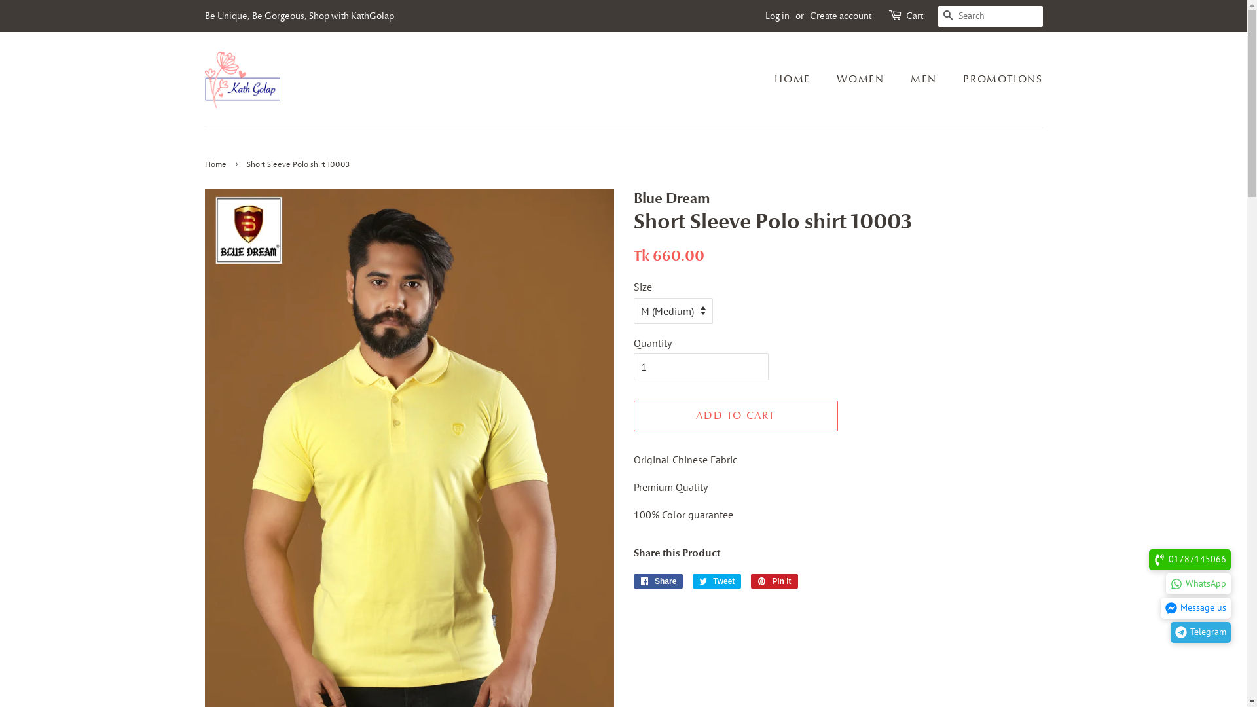 The image size is (1257, 707). What do you see at coordinates (839, 15) in the screenshot?
I see `'Create account'` at bounding box center [839, 15].